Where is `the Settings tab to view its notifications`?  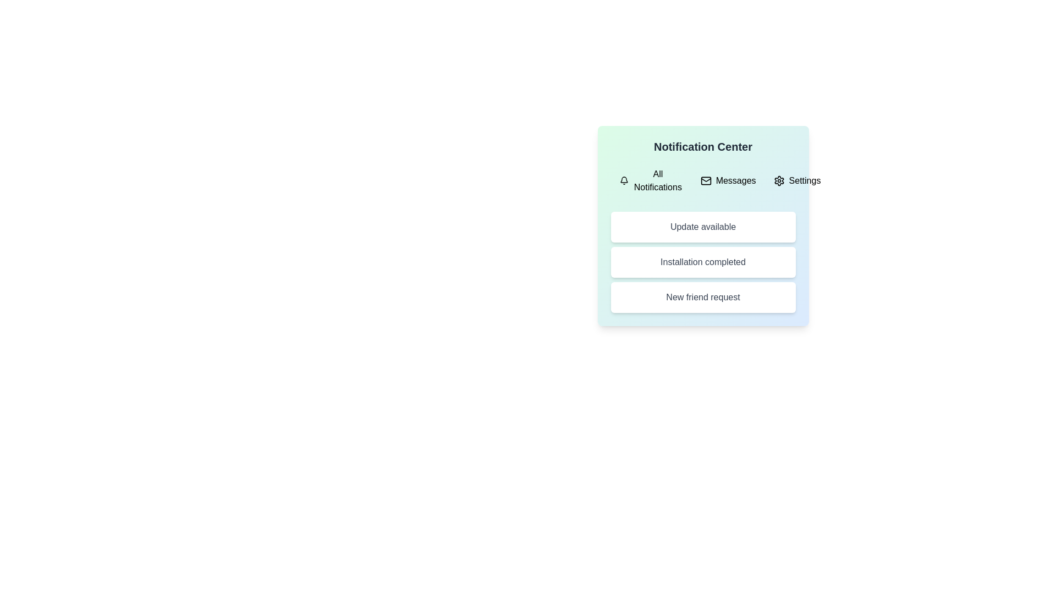 the Settings tab to view its notifications is located at coordinates (797, 180).